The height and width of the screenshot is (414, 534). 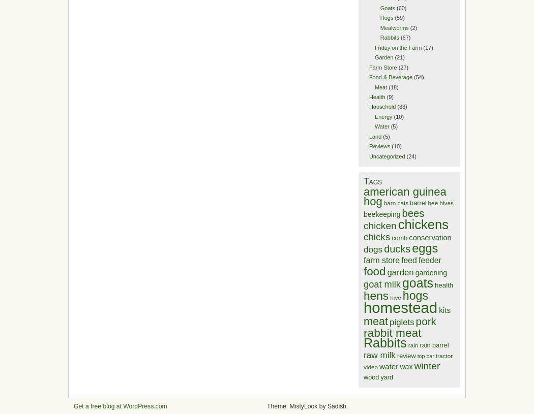 What do you see at coordinates (412, 344) in the screenshot?
I see `'rain'` at bounding box center [412, 344].